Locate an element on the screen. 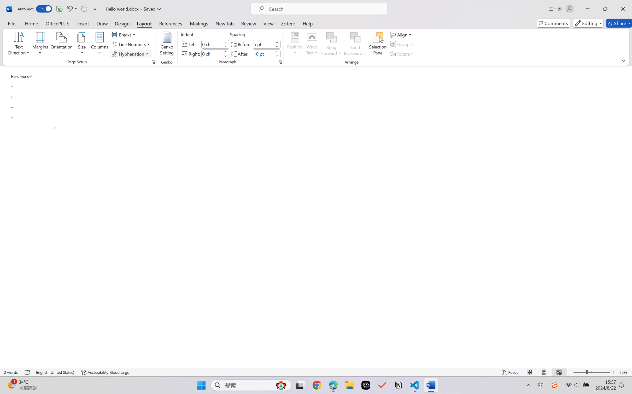 The height and width of the screenshot is (394, 632). 'Undo Apply Quick Style Set' is located at coordinates (72, 9).